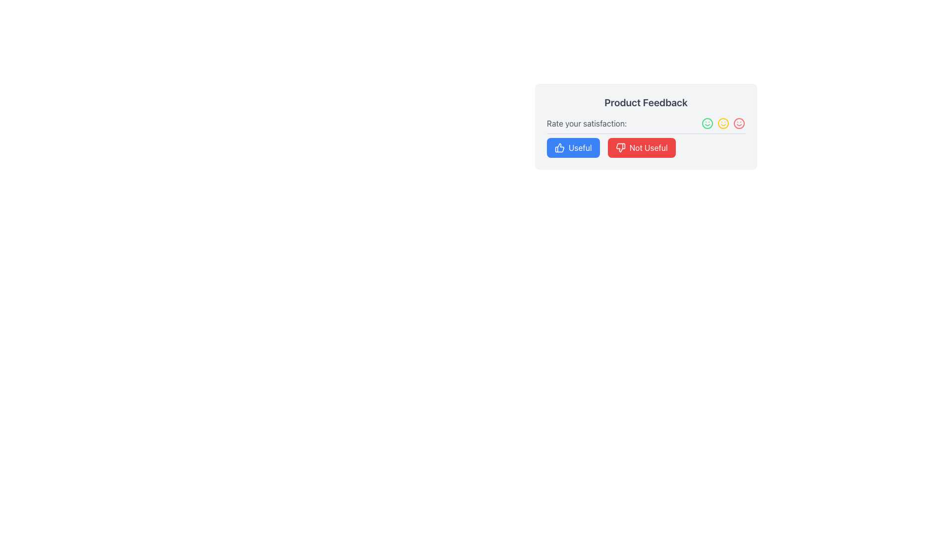  What do you see at coordinates (620, 147) in the screenshot?
I see `the 'Not Useful' button icon, which represents a negative rating option located on the right side of the button group in the feedback section` at bounding box center [620, 147].